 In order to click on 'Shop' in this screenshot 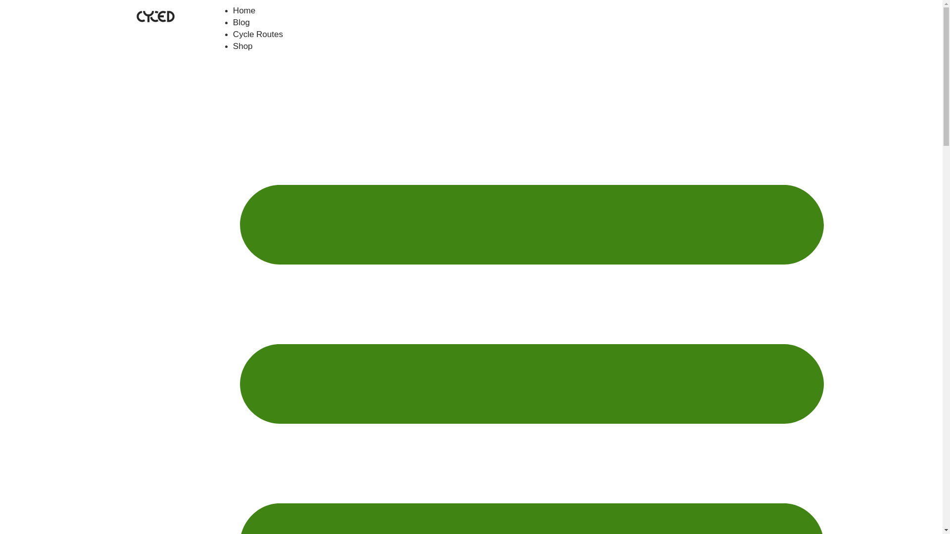, I will do `click(242, 46)`.